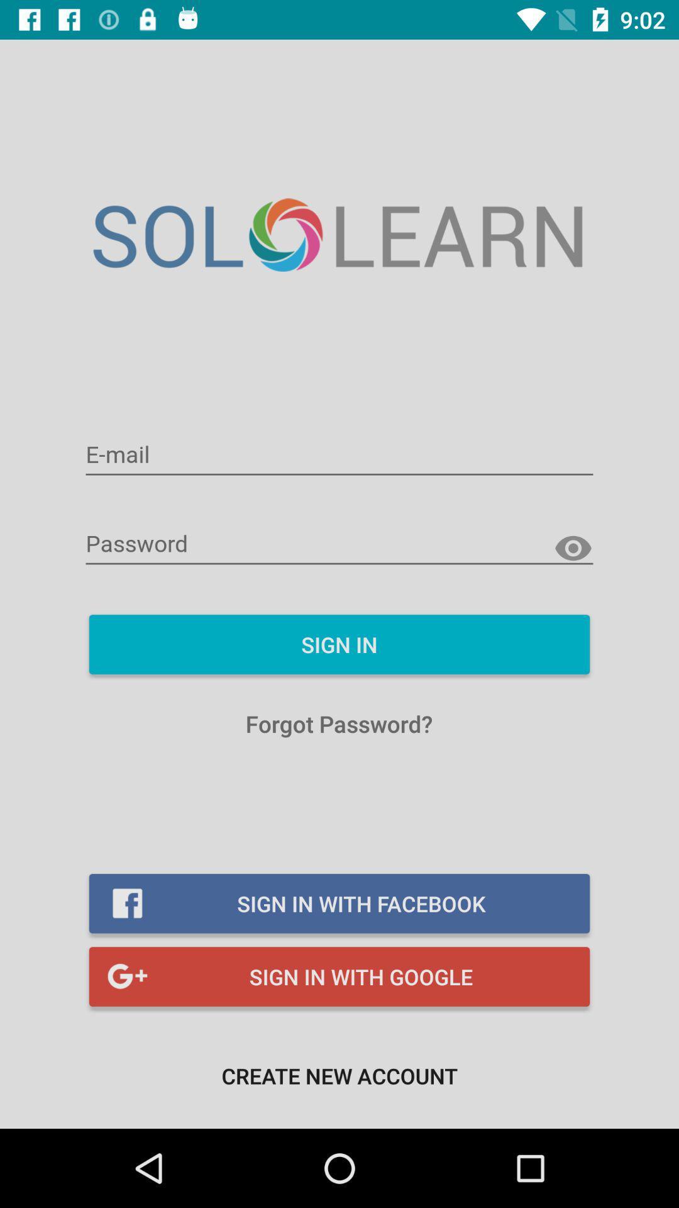  Describe the element at coordinates (573, 549) in the screenshot. I see `because back devicer` at that location.